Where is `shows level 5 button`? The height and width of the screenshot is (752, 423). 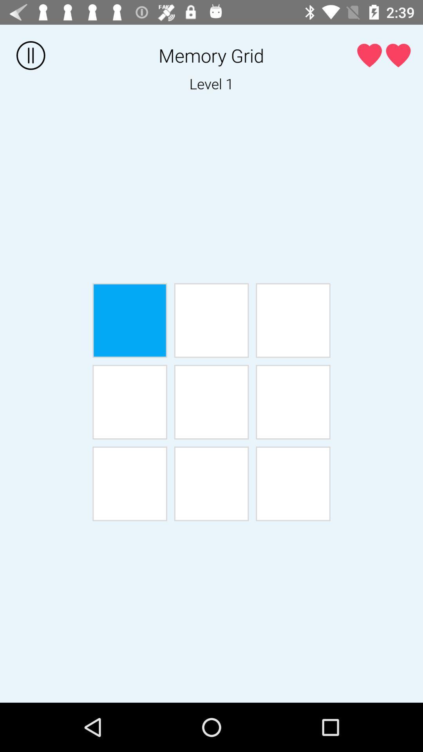 shows level 5 button is located at coordinates (211, 402).